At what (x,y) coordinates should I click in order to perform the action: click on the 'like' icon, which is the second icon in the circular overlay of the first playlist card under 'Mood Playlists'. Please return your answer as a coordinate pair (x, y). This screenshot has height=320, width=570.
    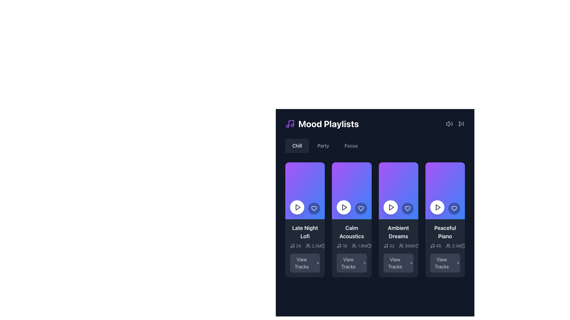
    Looking at the image, I should click on (314, 208).